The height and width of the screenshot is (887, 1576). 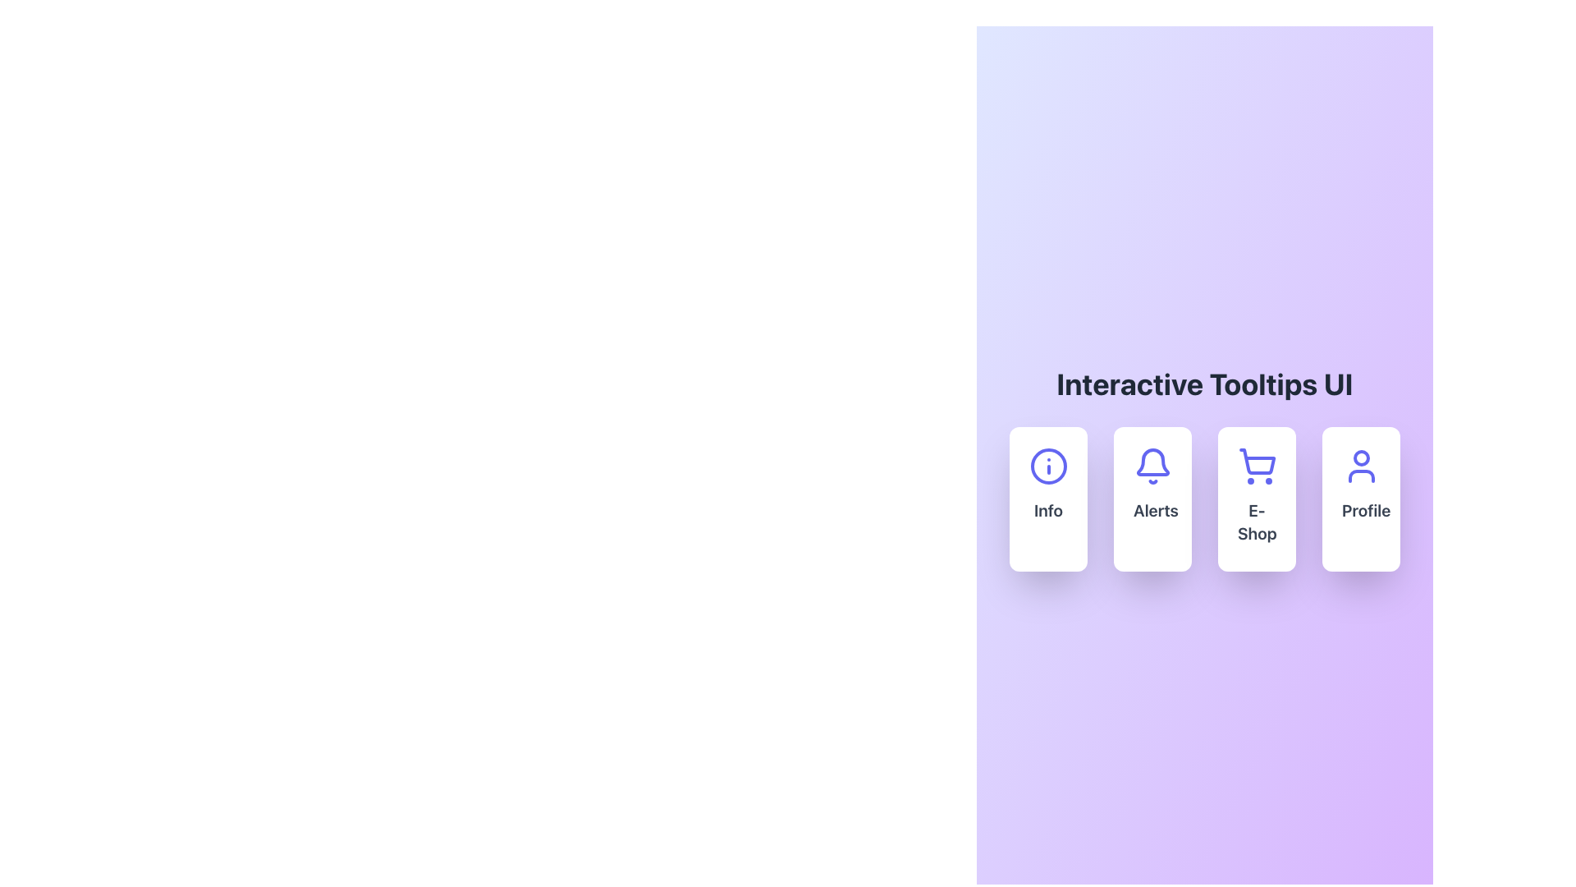 What do you see at coordinates (1152, 499) in the screenshot?
I see `the second card in the horizontal grid layout containing a blue bell icon at the top center and the text 'Alerts' in bold dark gray beneath it` at bounding box center [1152, 499].